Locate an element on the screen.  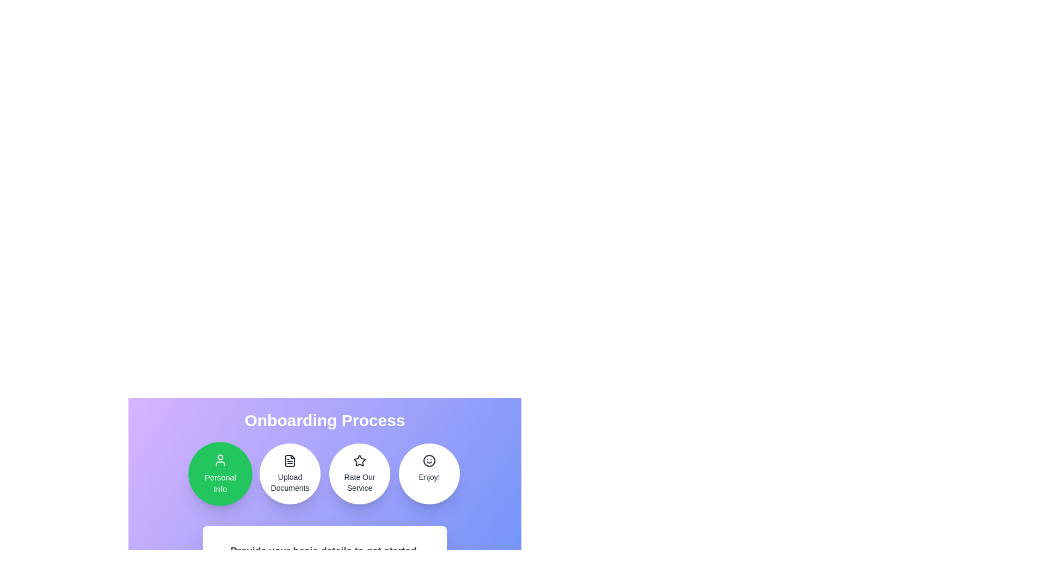
the onboarding step Personal Info by clicking on its corresponding icon is located at coordinates (219, 473).